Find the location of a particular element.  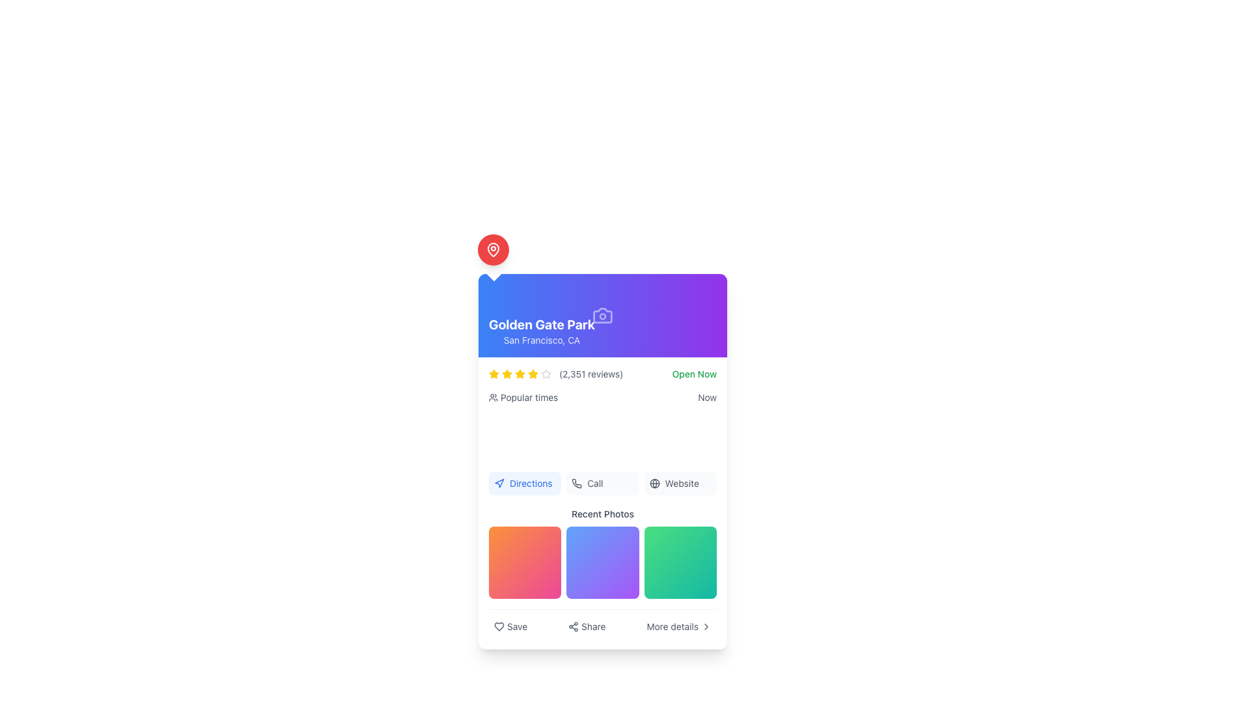

the third rating star icon under 'Golden Gate Park' is located at coordinates (519, 374).